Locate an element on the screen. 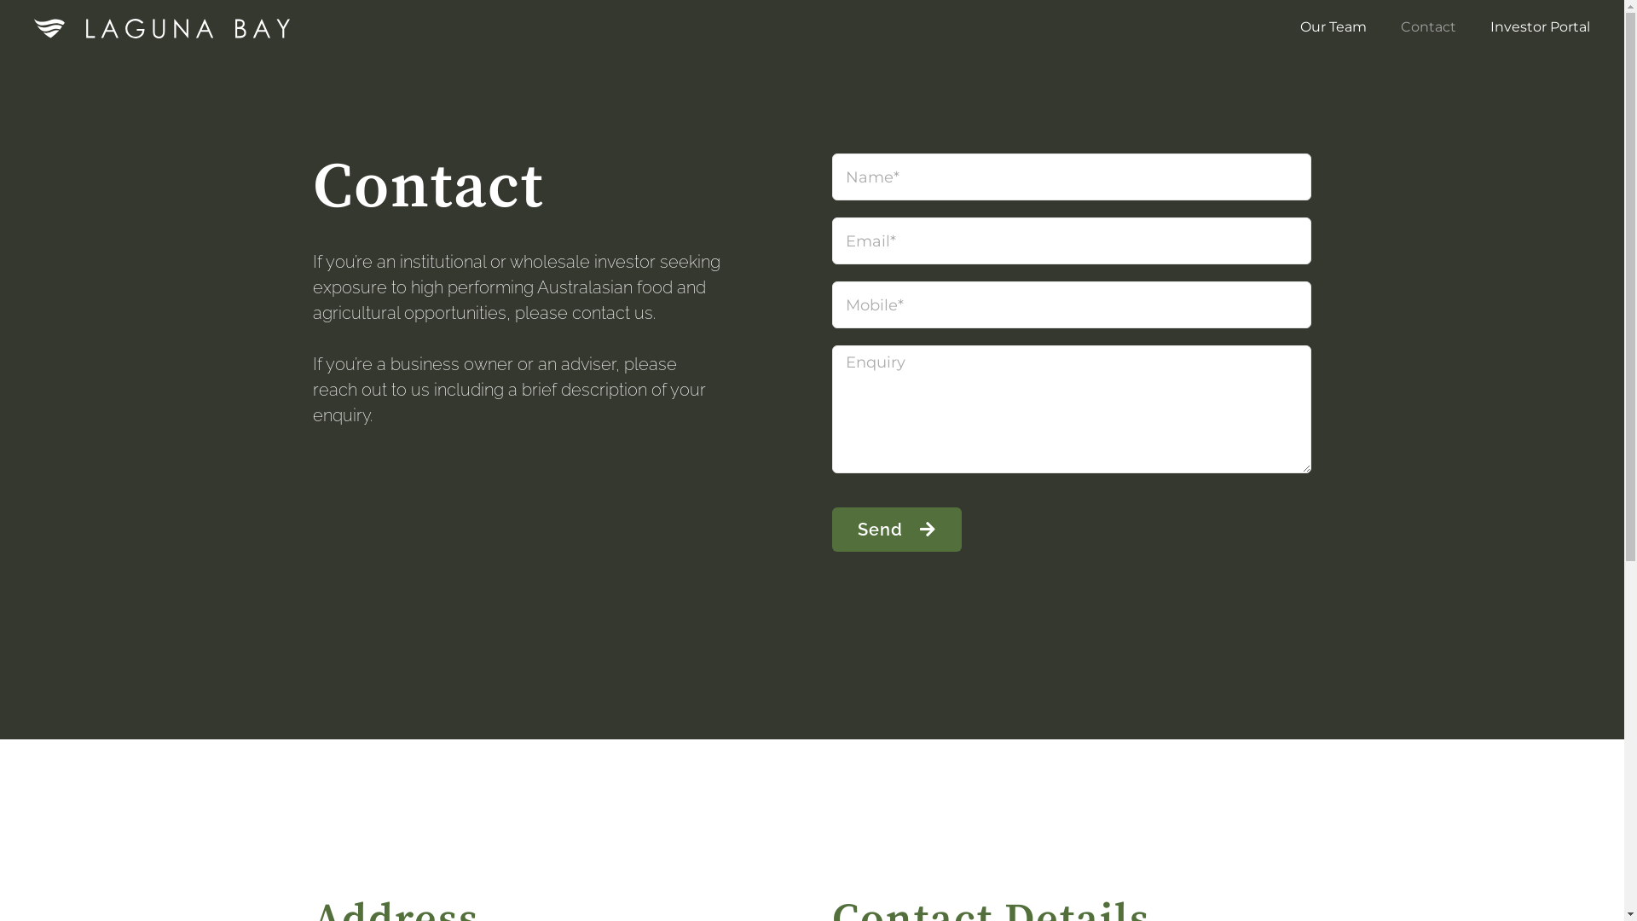 The width and height of the screenshot is (1637, 921). 'Send' is located at coordinates (895, 529).